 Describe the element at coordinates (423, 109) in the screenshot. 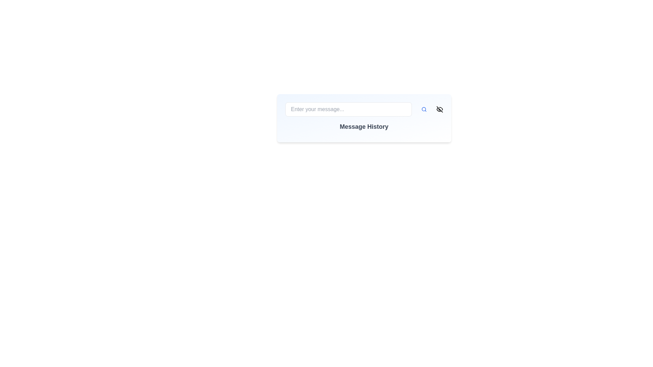

I see `the search button located immediately to the right of the input field labeled 'Enter your message...' to initiate a search action` at that location.